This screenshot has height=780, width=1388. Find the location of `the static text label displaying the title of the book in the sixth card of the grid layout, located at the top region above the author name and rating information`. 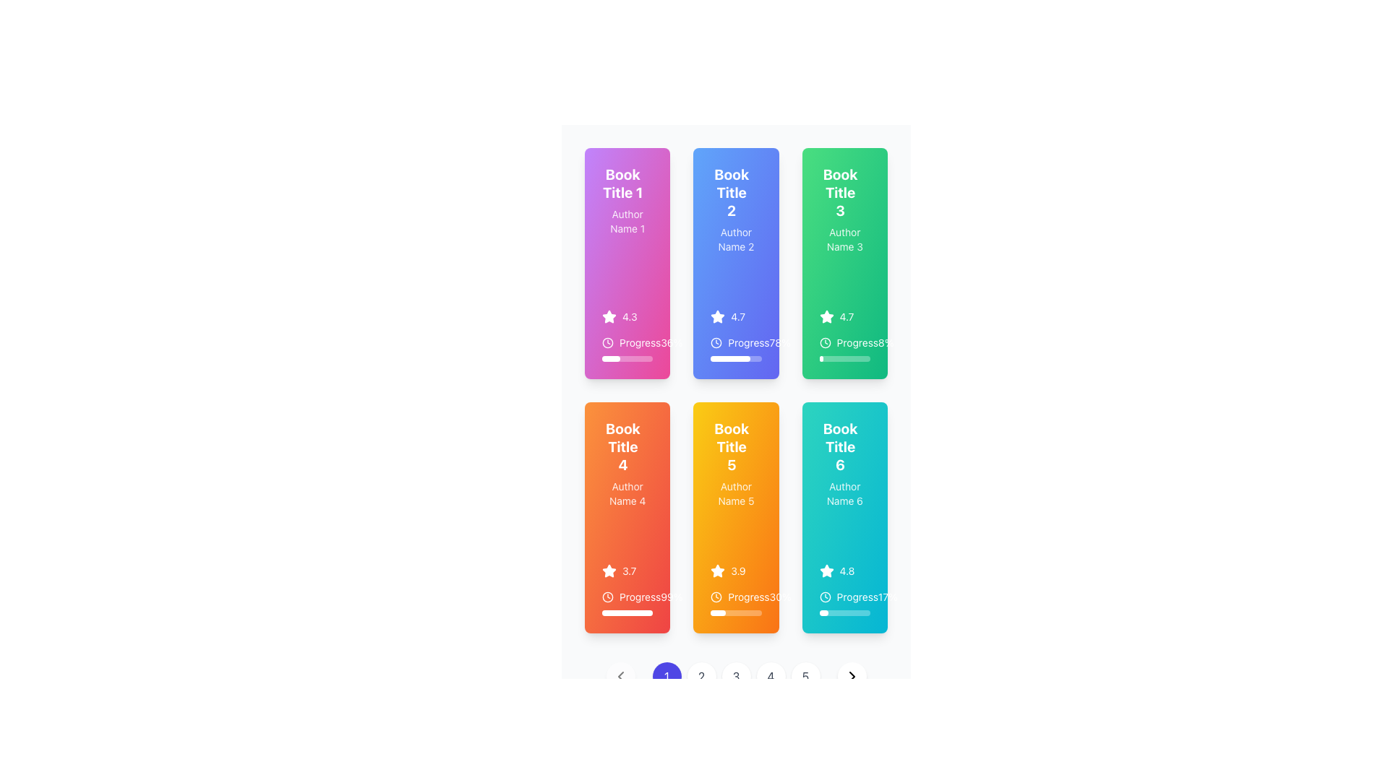

the static text label displaying the title of the book in the sixth card of the grid layout, located at the top region above the author name and rating information is located at coordinates (840, 446).